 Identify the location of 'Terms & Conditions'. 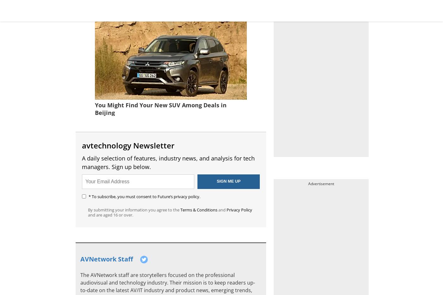
(199, 209).